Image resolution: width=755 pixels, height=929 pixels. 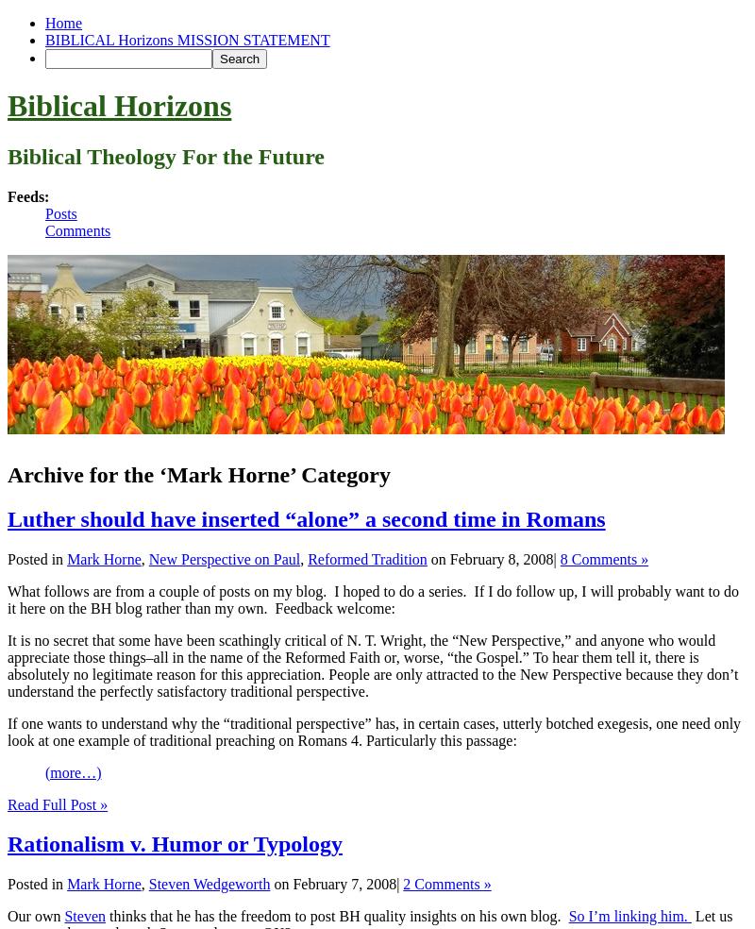 I want to click on 'Feeds:', so click(x=28, y=195).